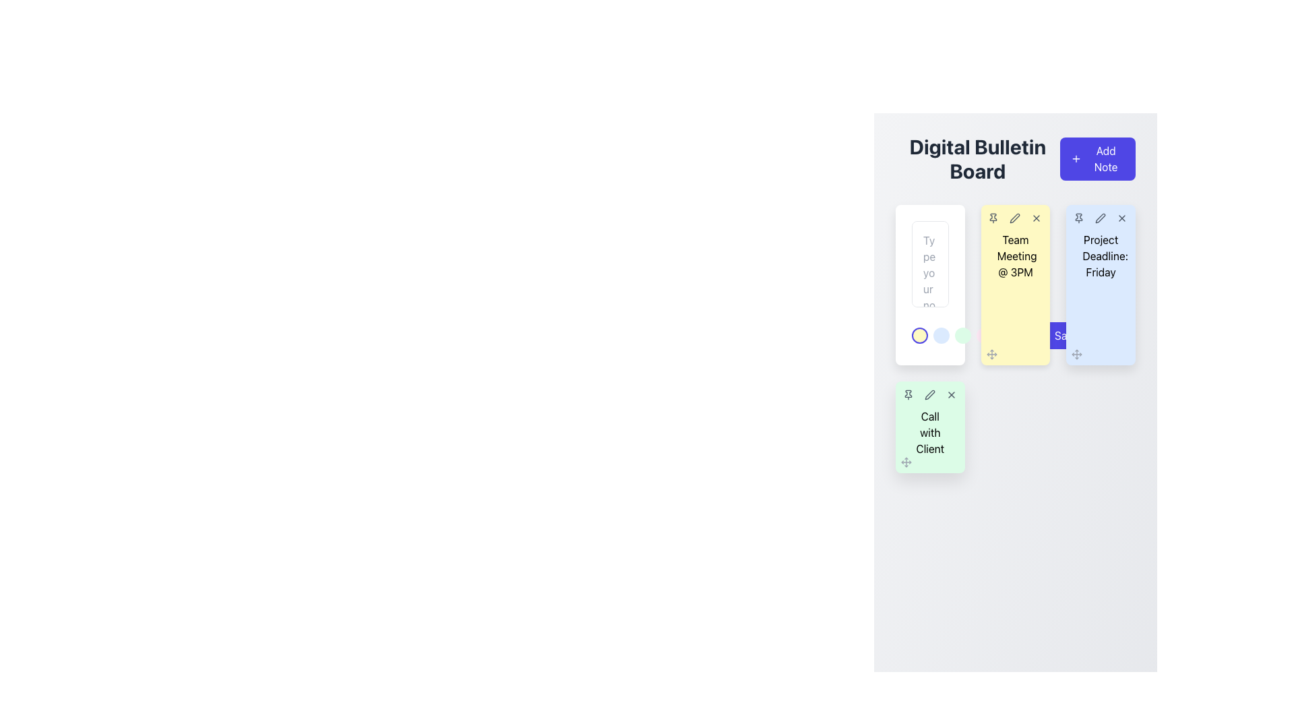 This screenshot has height=728, width=1294. I want to click on the move or drag handle icon located at the bottom-left corner of the 'Call with Client' card, which is the first card in the bottom row, so click(906, 462).